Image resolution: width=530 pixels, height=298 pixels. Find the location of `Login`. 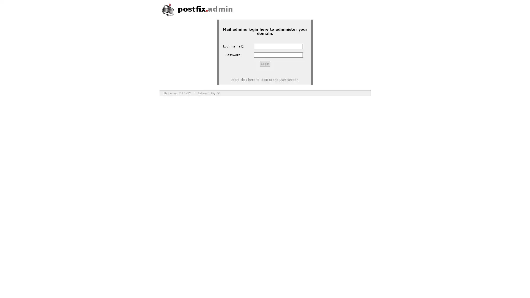

Login is located at coordinates (265, 63).